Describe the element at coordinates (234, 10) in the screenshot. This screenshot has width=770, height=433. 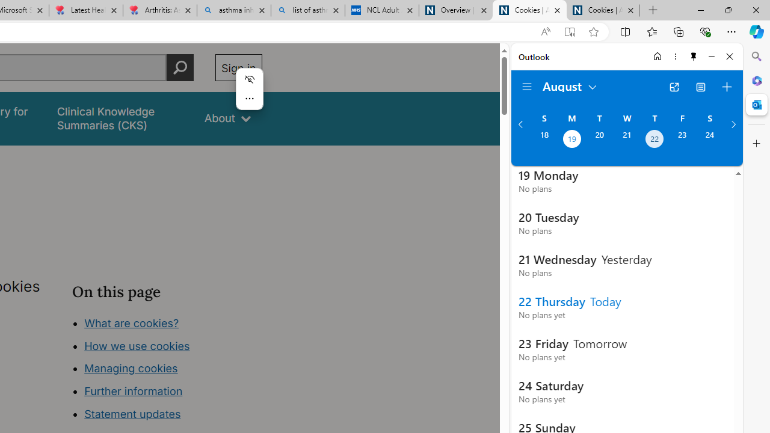
I see `'asthma inhaler - Search'` at that location.